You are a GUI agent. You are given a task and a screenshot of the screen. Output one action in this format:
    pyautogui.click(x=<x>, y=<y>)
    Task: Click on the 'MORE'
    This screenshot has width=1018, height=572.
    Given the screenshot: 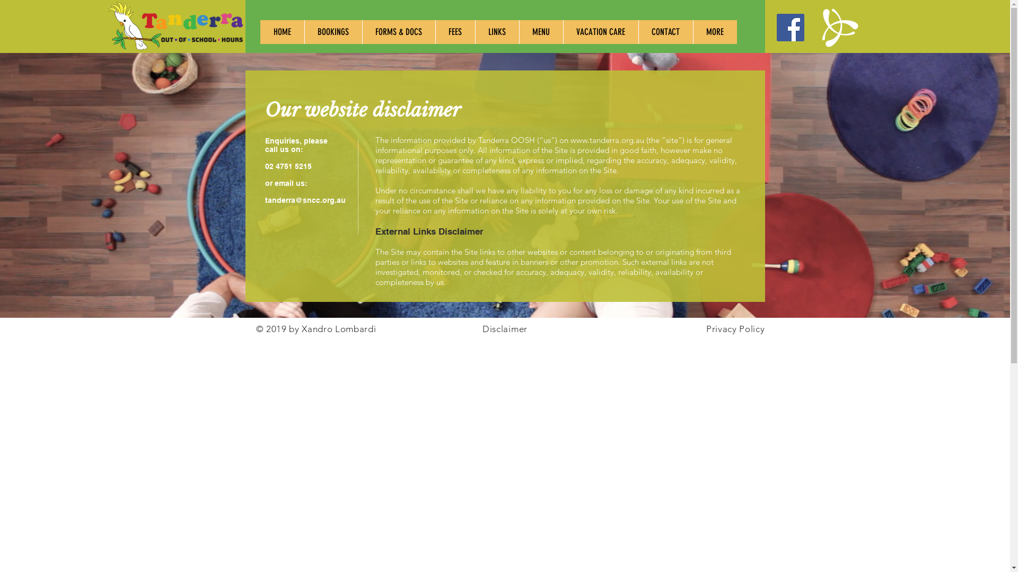 What is the action you would take?
    pyautogui.click(x=714, y=31)
    